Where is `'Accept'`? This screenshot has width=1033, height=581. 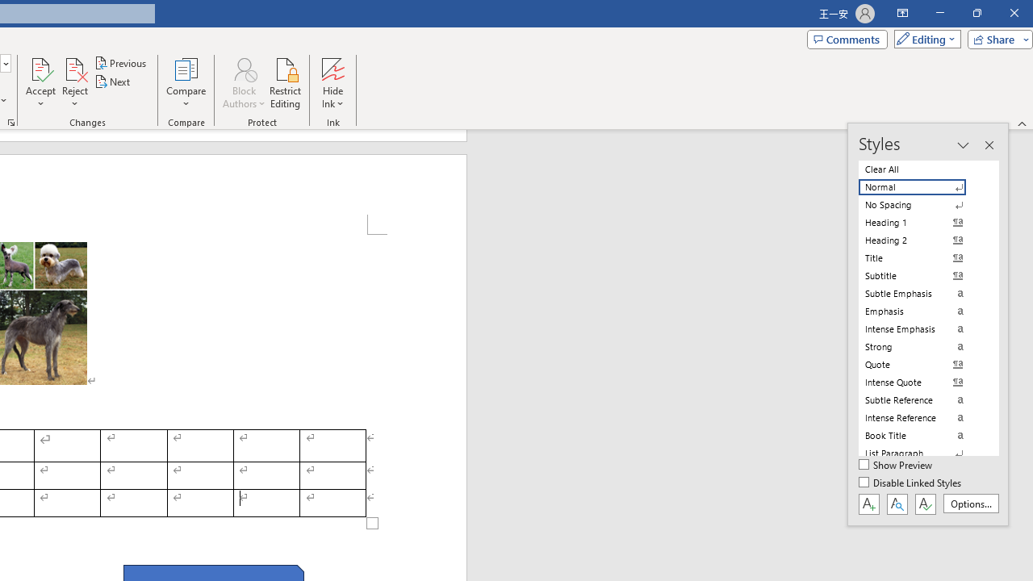
'Accept' is located at coordinates (40, 83).